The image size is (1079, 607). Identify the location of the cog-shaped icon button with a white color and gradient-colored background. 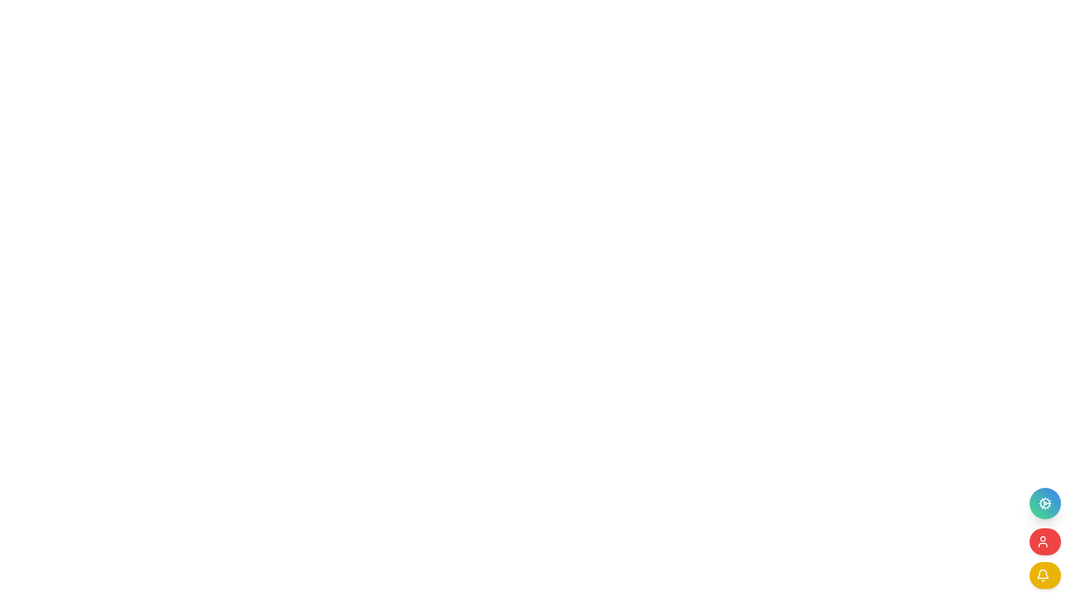
(1045, 502).